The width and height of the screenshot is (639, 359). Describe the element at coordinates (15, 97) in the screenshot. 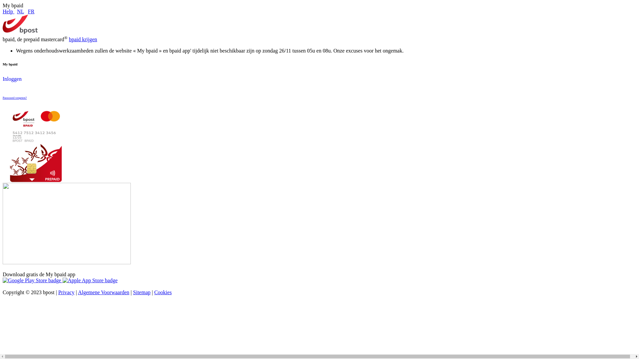

I see `'Paswoord vergeten?'` at that location.